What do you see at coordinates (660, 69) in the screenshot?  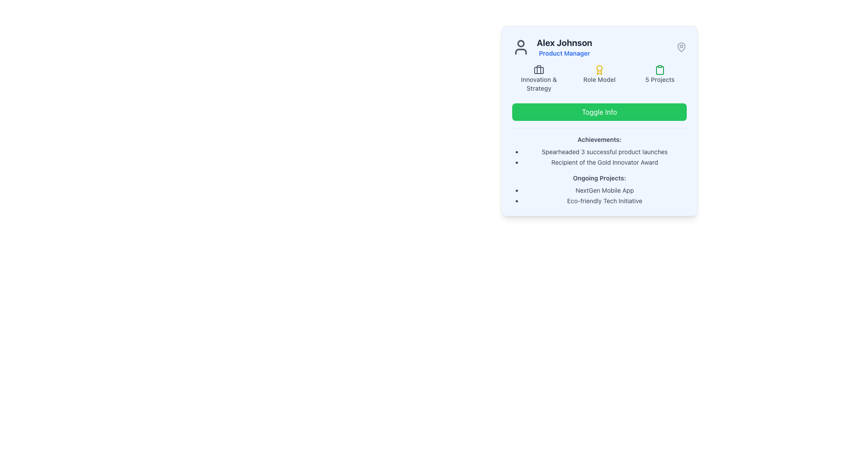 I see `the color and design of the graphic clipboard icon located near the '5 Projects' text in the upper-right section of the profile card` at bounding box center [660, 69].